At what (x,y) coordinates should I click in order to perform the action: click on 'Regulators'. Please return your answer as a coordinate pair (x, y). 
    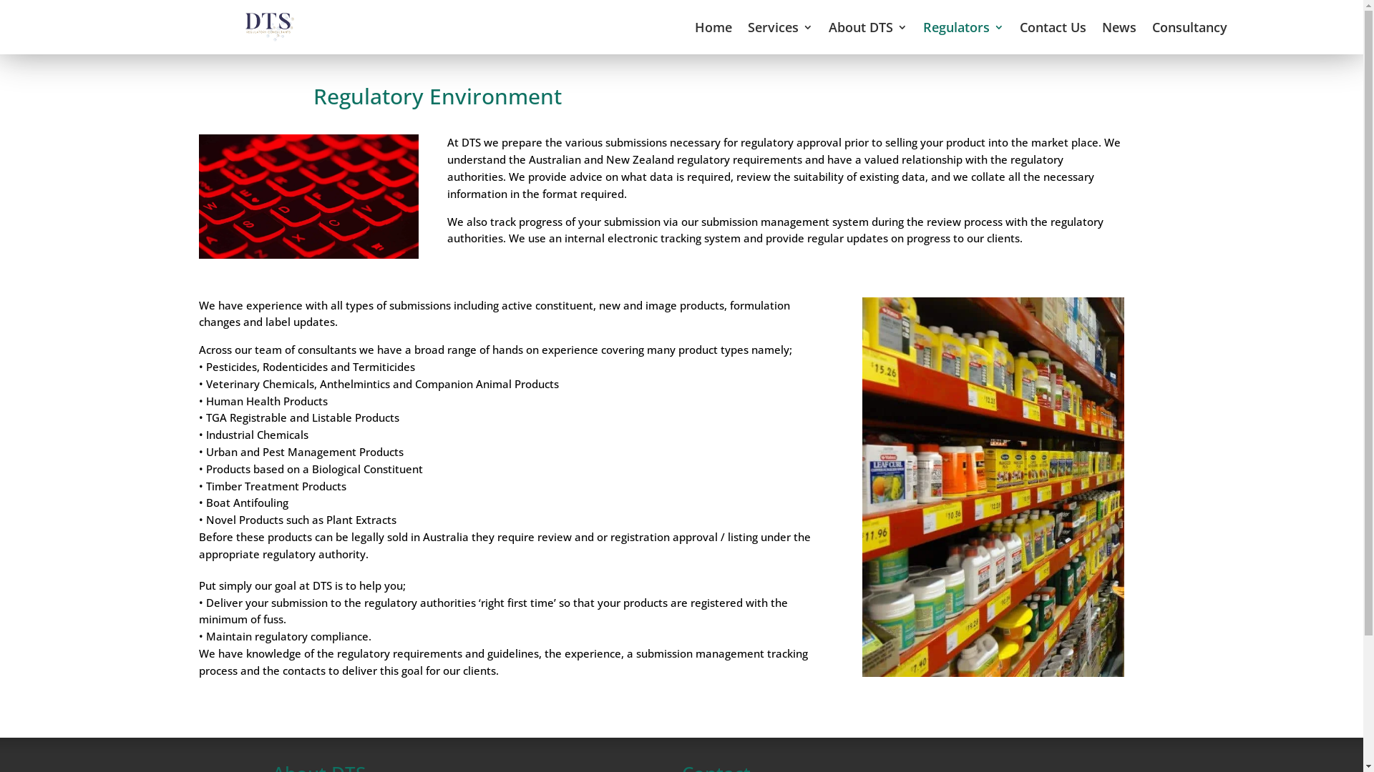
    Looking at the image, I should click on (963, 27).